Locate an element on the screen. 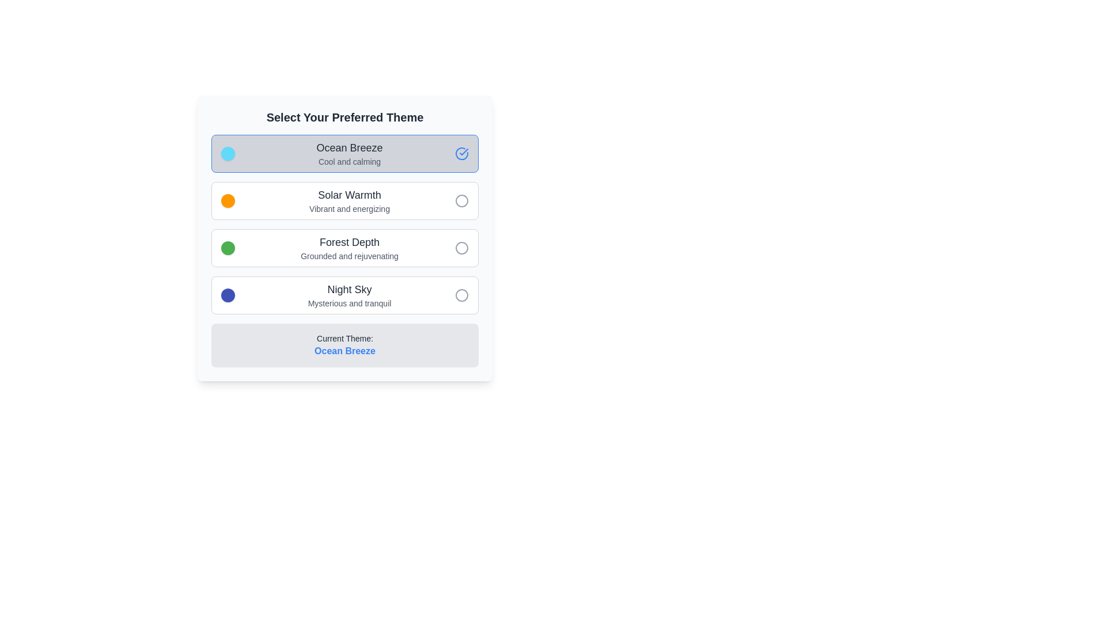 Image resolution: width=1106 pixels, height=622 pixels. the purely visual, themed color indicator for the 'Forest Depth' option in the theme selection UI, which is positioned centrally within the option box is located at coordinates (228, 248).